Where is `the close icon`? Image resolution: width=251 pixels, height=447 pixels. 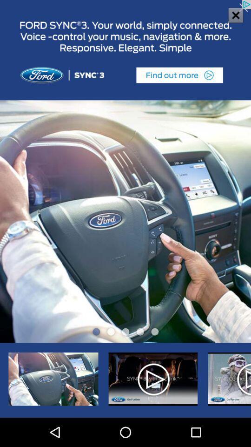 the close icon is located at coordinates (236, 16).